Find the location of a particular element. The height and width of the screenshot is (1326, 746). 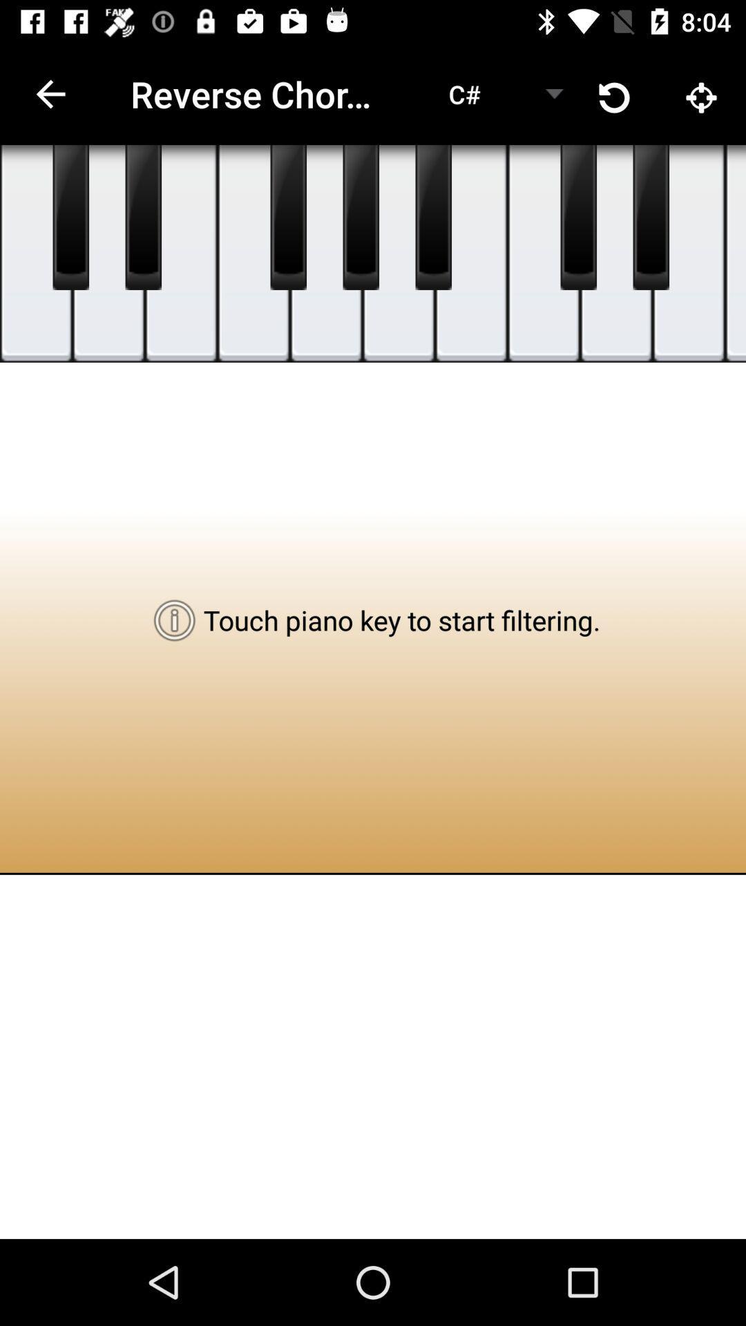

the 2nd black piano key from the right is located at coordinates (578, 217).